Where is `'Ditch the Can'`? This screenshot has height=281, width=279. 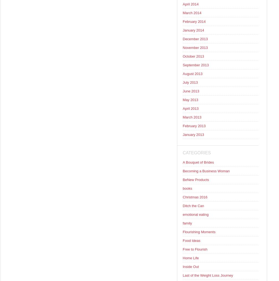
'Ditch the Can' is located at coordinates (193, 206).